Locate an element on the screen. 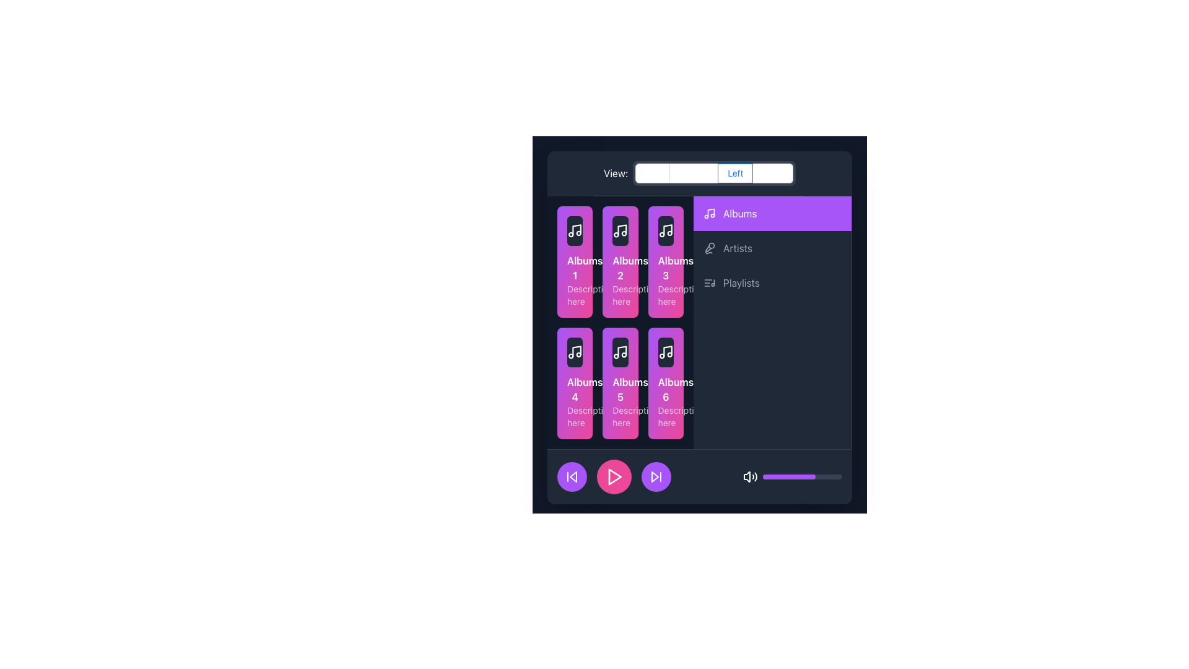 The height and width of the screenshot is (669, 1189). the descriptive text label is located at coordinates (574, 295).